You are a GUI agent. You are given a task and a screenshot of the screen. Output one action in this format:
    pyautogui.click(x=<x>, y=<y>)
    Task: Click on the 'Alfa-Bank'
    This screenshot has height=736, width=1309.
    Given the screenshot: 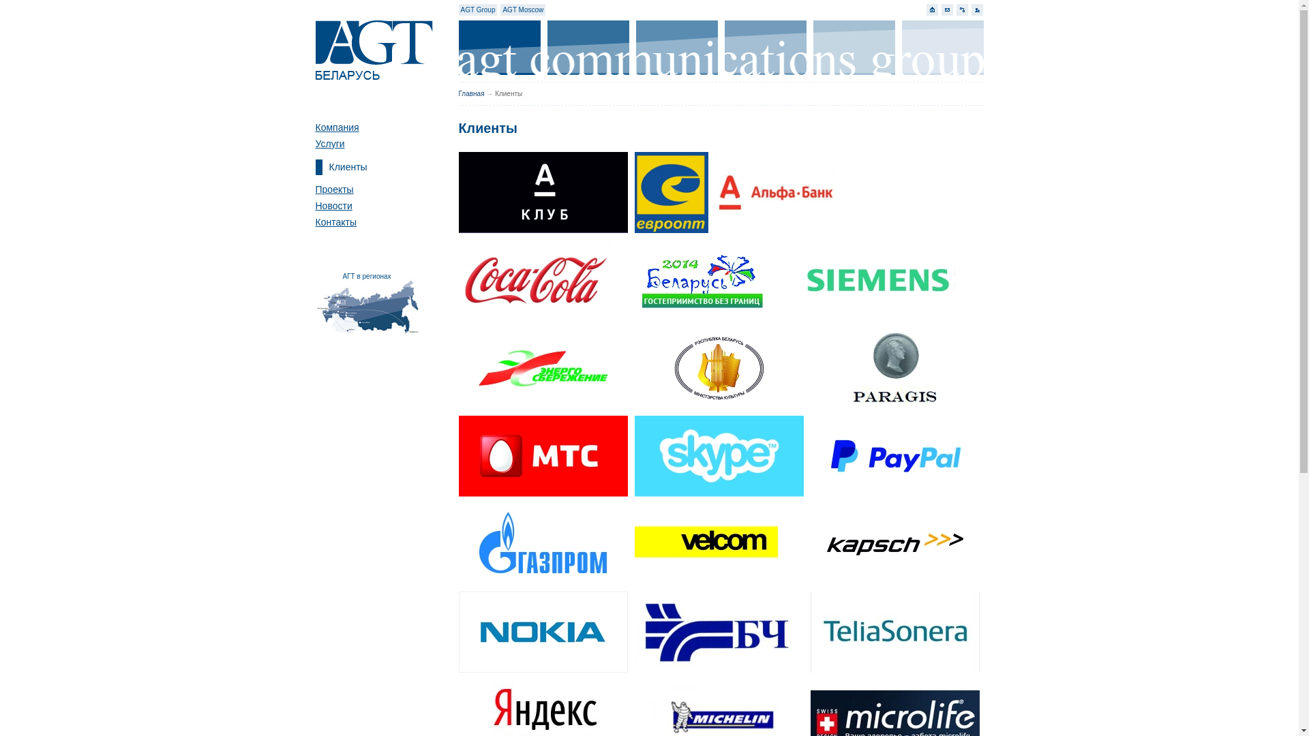 What is the action you would take?
    pyautogui.click(x=775, y=192)
    